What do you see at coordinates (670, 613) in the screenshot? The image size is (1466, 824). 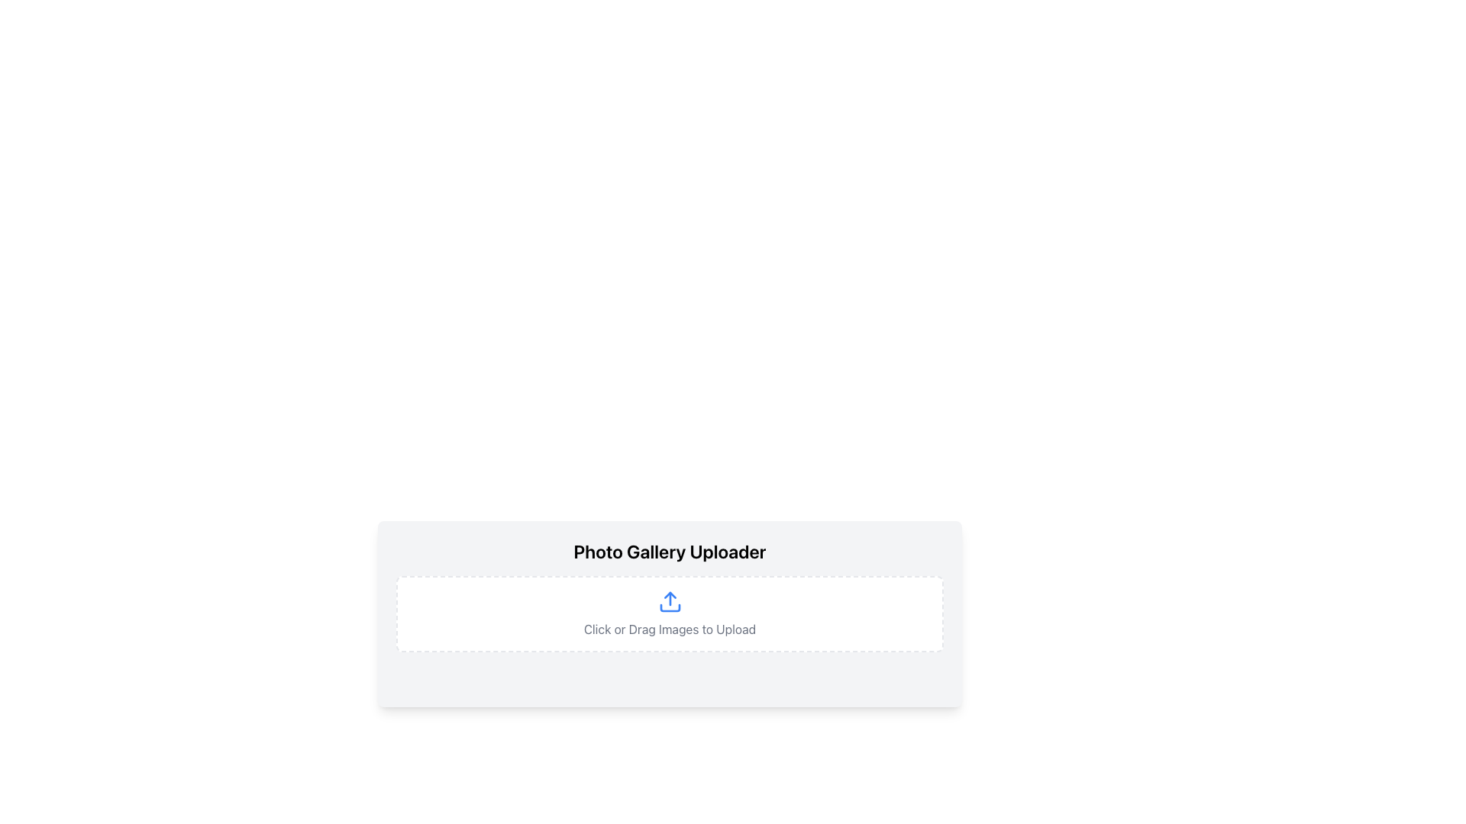 I see `the File input area with dashed borders that contains an upload icon and the text 'Click or Drag Images to Upload'` at bounding box center [670, 613].